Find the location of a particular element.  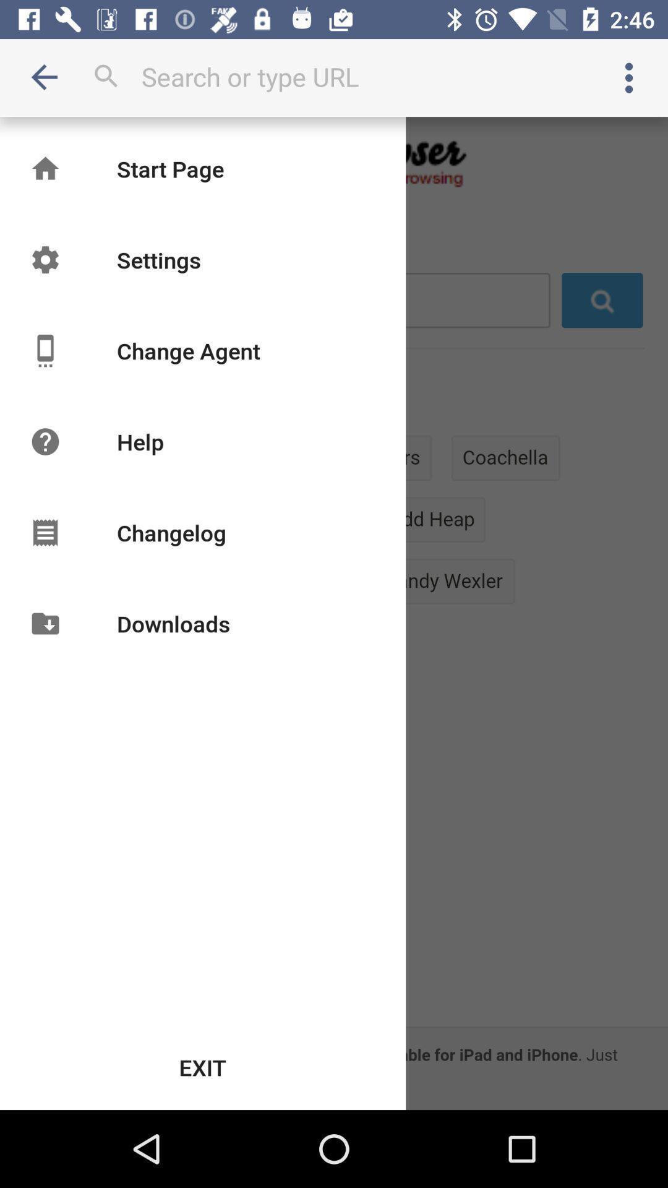

start page is located at coordinates (170, 168).